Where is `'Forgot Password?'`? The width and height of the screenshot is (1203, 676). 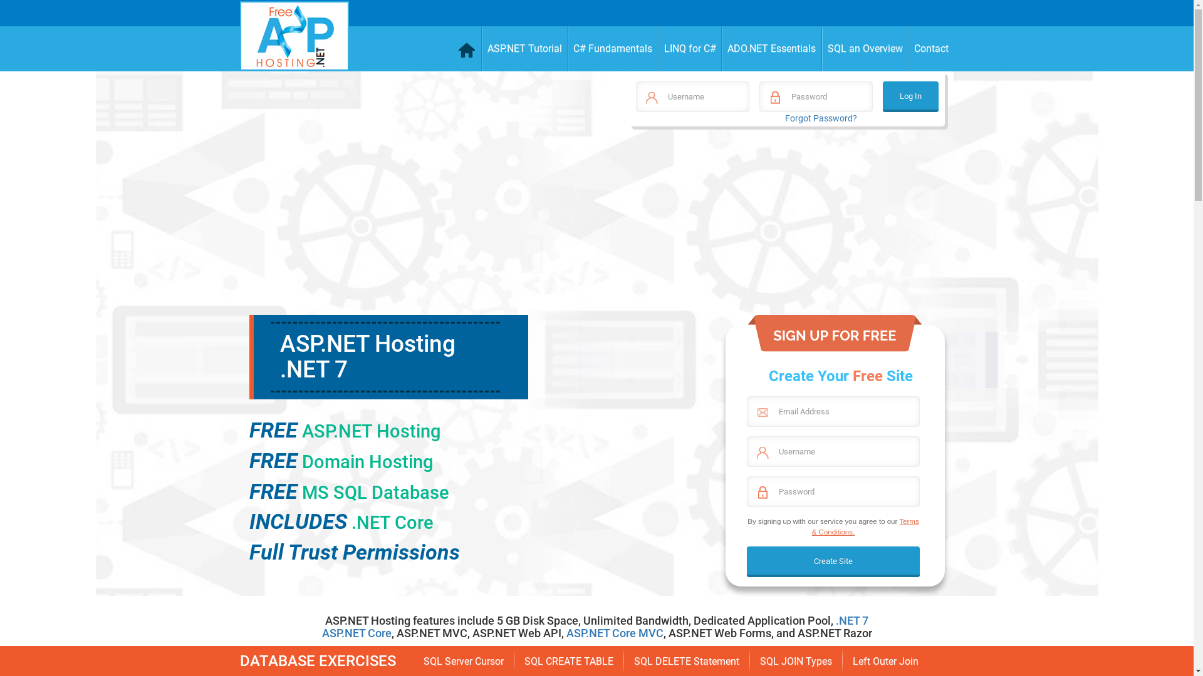 'Forgot Password?' is located at coordinates (821, 118).